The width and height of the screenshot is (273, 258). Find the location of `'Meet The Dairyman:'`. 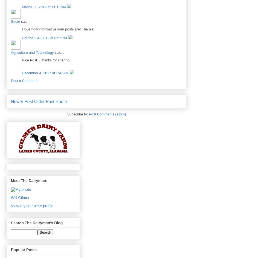

'Meet The Dairyman:' is located at coordinates (29, 180).